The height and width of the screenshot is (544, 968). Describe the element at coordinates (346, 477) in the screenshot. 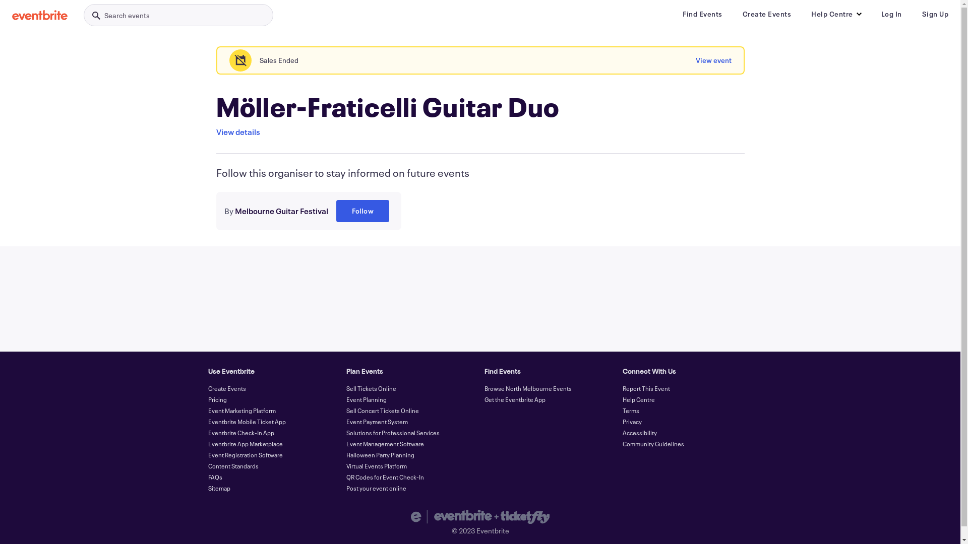

I see `'QR Codes for Event Check-In'` at that location.